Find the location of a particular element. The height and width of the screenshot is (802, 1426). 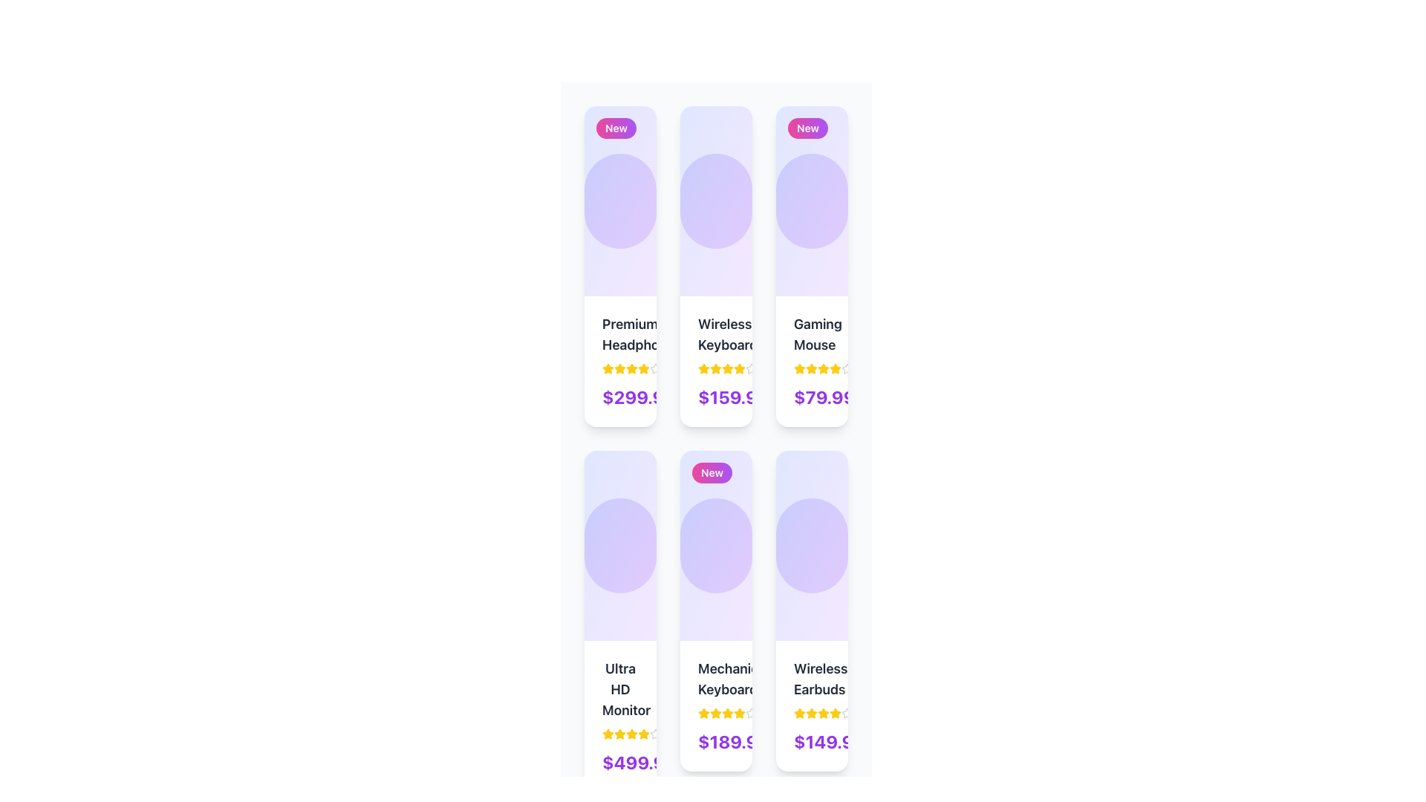

the static text label displaying the price of the product 'Wireless Earbuds', located at the bottom section of the card, centered within the card's layout is located at coordinates (829, 742).